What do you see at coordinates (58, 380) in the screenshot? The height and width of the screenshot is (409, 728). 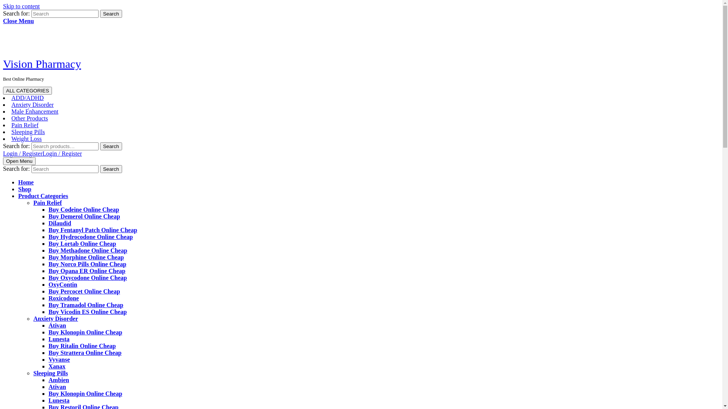 I see `'Ambien'` at bounding box center [58, 380].